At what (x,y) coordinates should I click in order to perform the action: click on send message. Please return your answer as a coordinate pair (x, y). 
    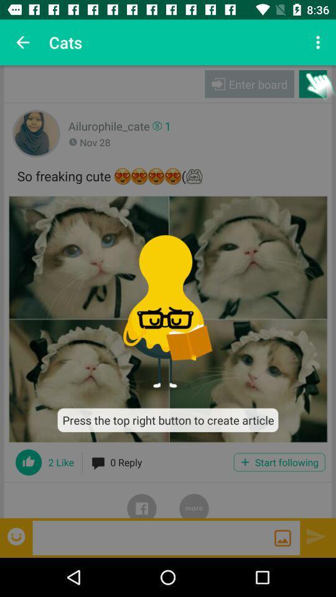
    Looking at the image, I should click on (316, 535).